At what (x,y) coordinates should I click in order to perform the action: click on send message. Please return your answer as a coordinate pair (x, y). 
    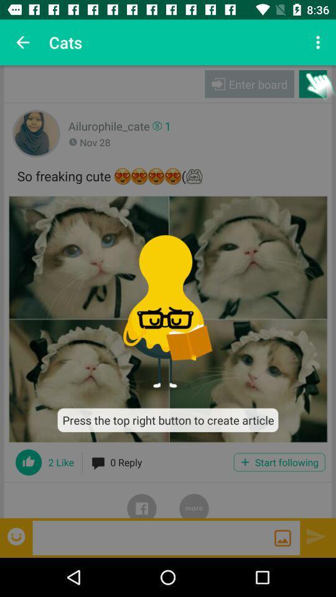
    Looking at the image, I should click on (316, 535).